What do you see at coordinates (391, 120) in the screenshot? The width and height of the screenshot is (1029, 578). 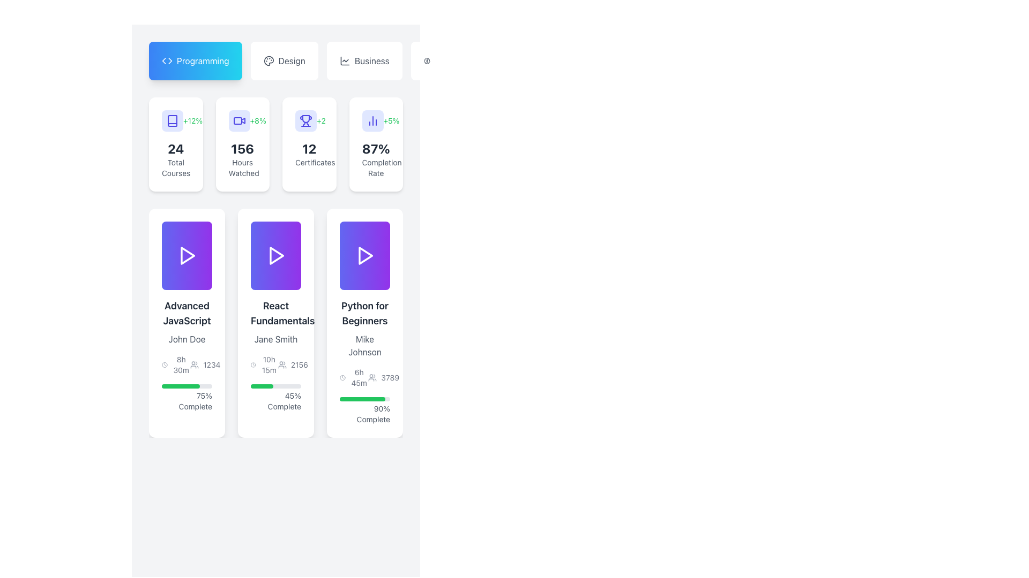 I see `the Text label indicating the percentage increase in the Completion Rate metric card located in the top right section of the interface, adjacent to the bar chart icon` at bounding box center [391, 120].